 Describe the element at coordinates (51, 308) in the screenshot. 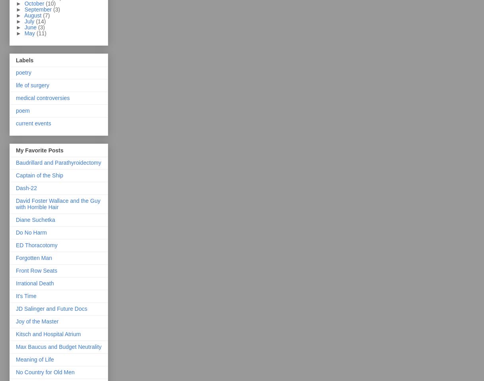

I see `'JD Salinger and Future Docs'` at that location.